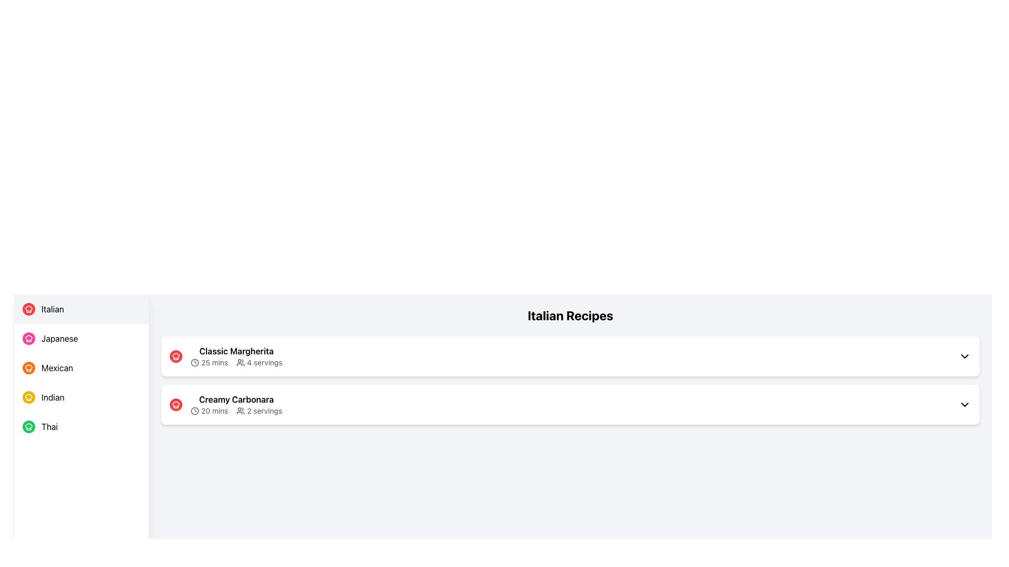  What do you see at coordinates (59, 338) in the screenshot?
I see `the text label displaying 'Japanese', which is the second item in the vertical list of culinary cuisines, positioned below 'Italian' and above 'Mexican'` at bounding box center [59, 338].